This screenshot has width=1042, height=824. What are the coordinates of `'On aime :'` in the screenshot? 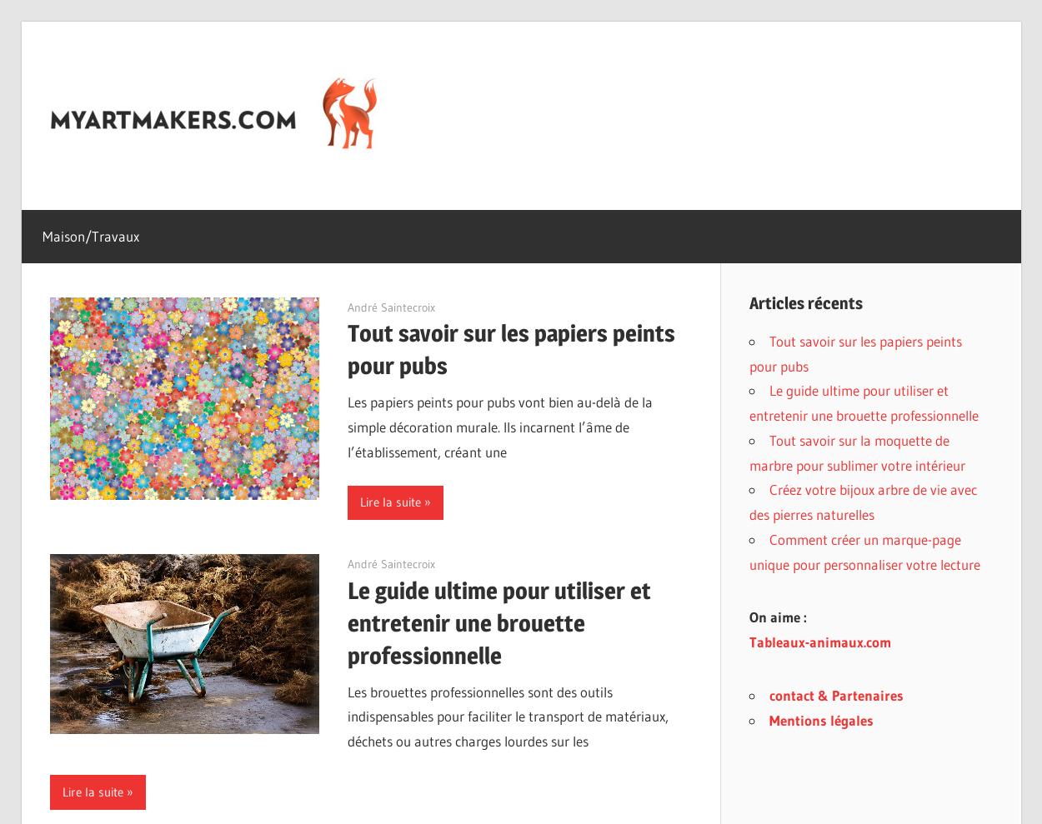 It's located at (777, 617).